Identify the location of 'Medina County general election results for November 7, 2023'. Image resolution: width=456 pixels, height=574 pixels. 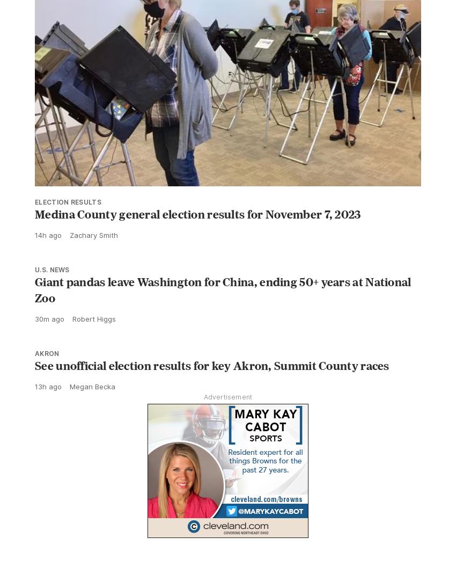
(197, 214).